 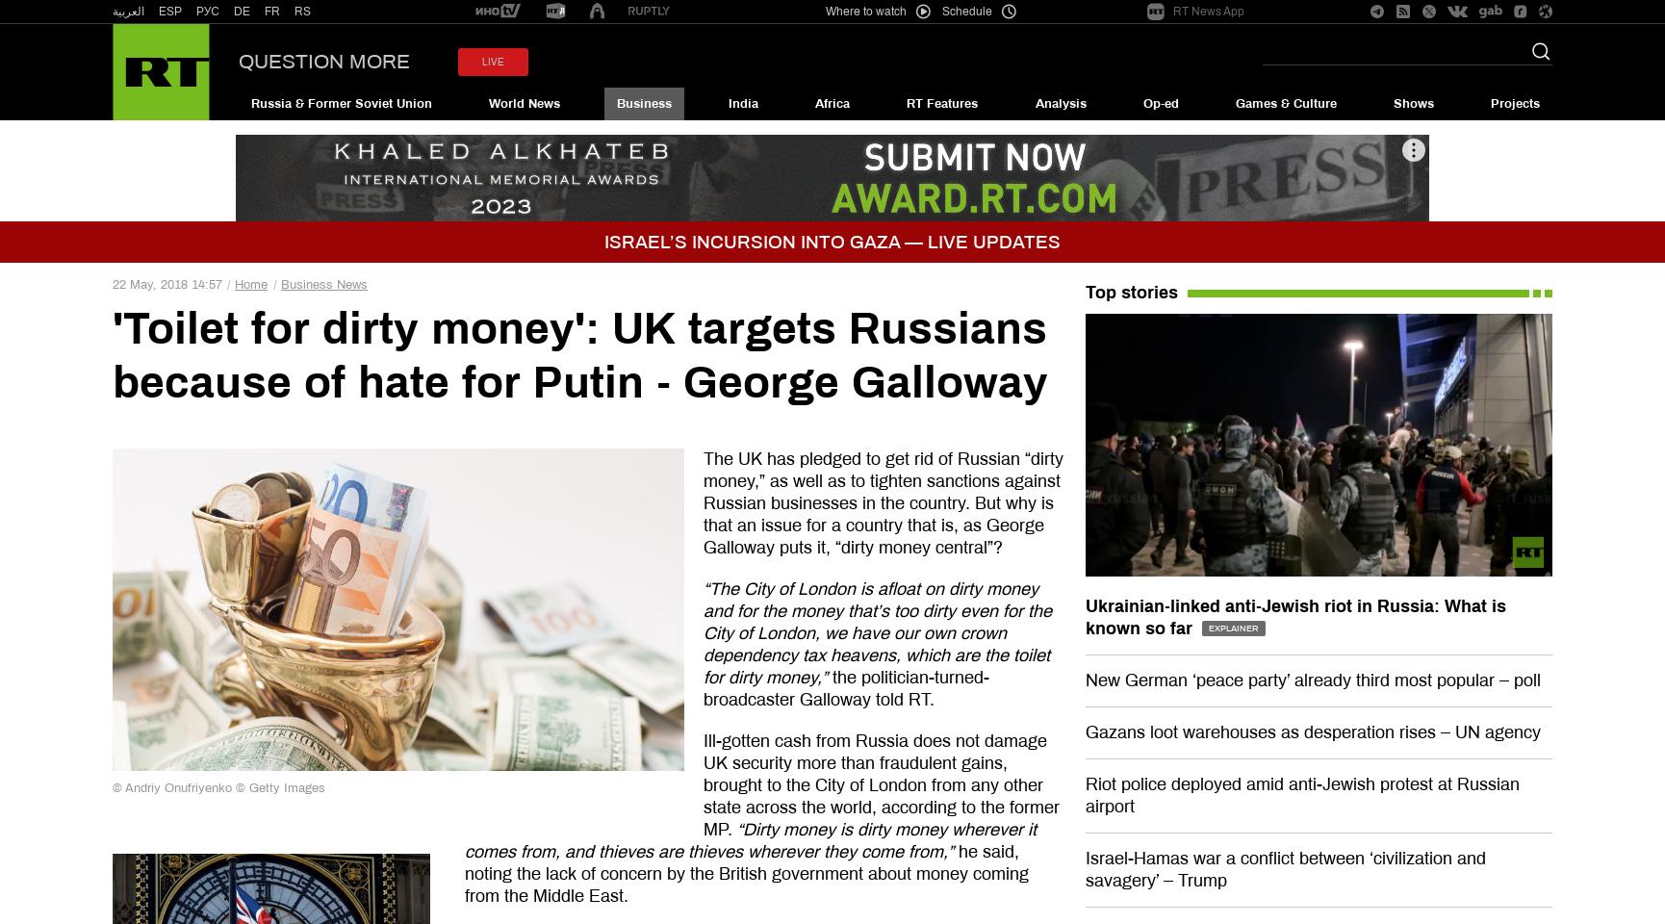 What do you see at coordinates (883, 502) in the screenshot?
I see `'The UK has pledged to get rid of Russian “dirty money,” as well as to tighten sanctions against Russian businesses in the country. But why is that an issue for a country that is, as George Galloway puts it, “dirty money central”?'` at bounding box center [883, 502].